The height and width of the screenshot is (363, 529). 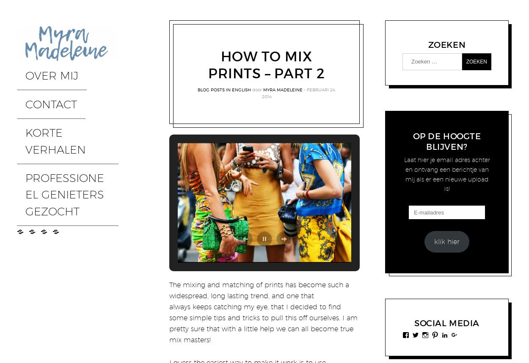 What do you see at coordinates (428, 44) in the screenshot?
I see `'Zoeken'` at bounding box center [428, 44].